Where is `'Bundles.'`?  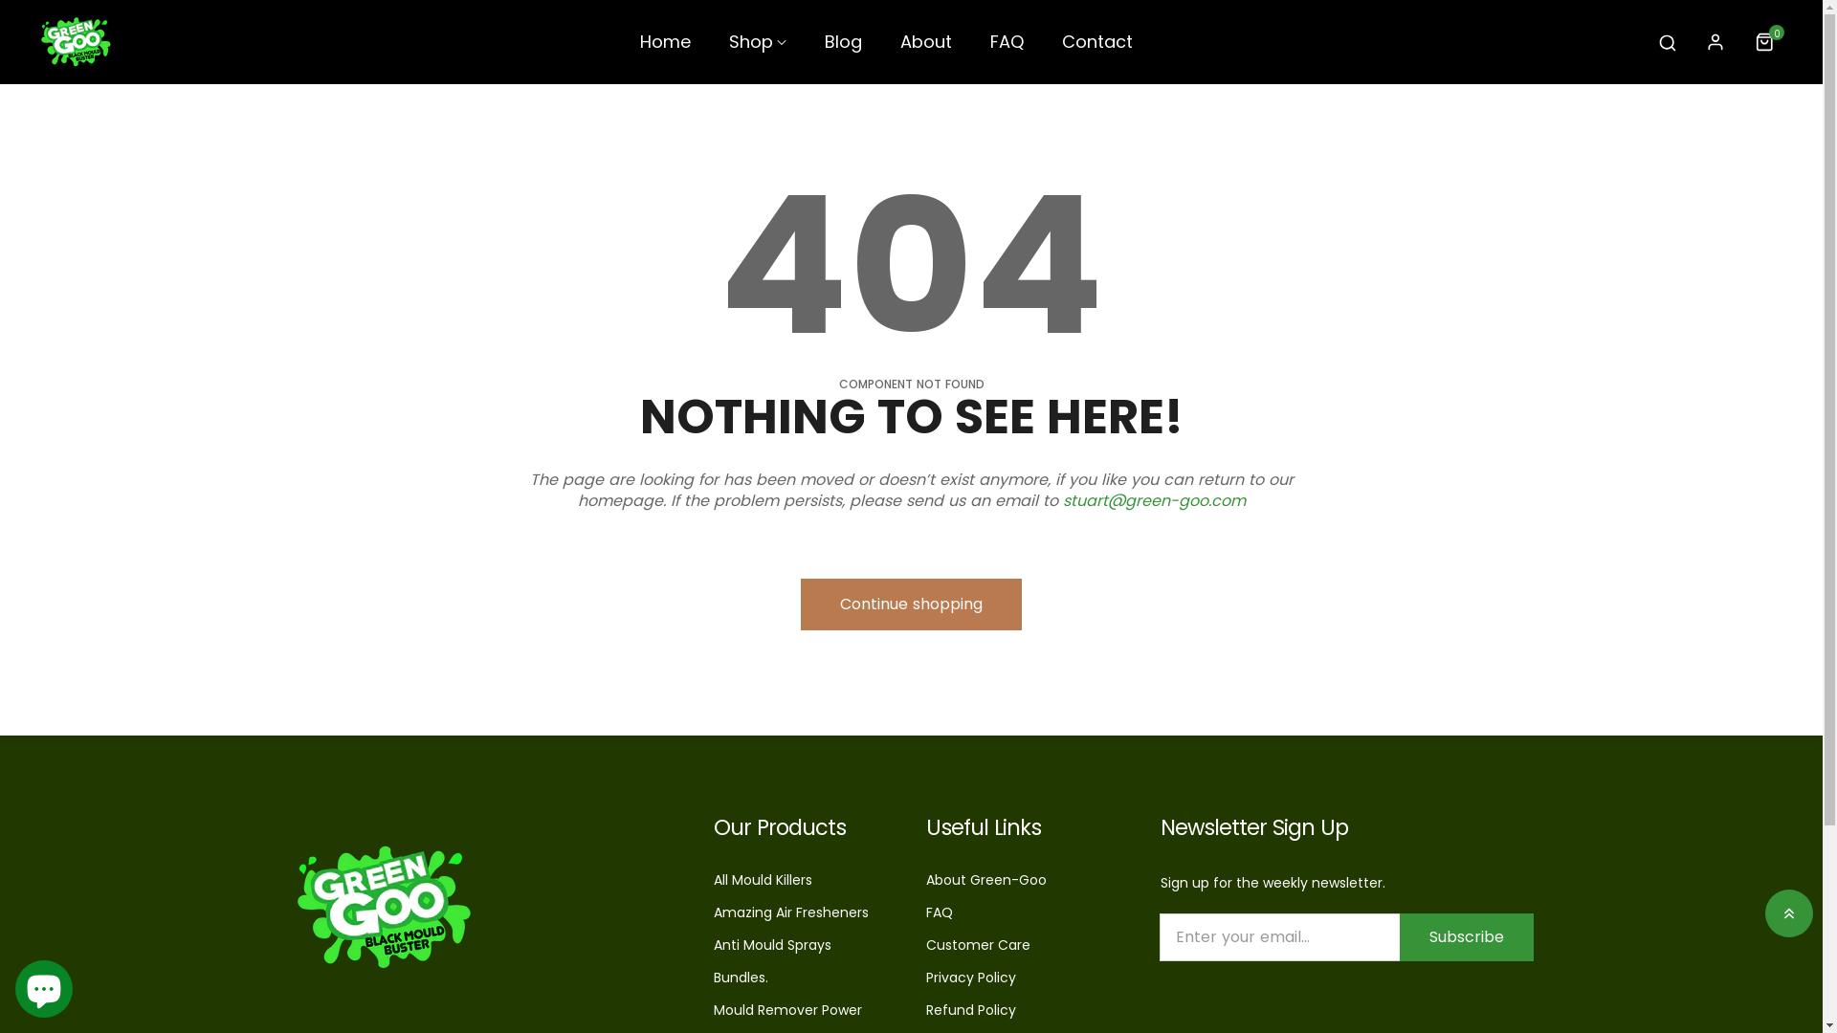 'Bundles.' is located at coordinates (712, 978).